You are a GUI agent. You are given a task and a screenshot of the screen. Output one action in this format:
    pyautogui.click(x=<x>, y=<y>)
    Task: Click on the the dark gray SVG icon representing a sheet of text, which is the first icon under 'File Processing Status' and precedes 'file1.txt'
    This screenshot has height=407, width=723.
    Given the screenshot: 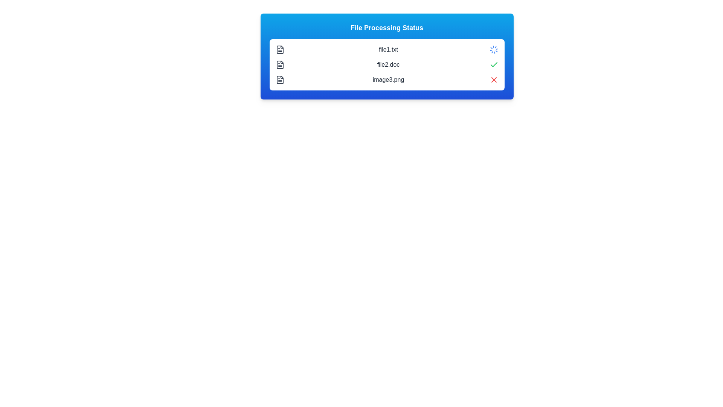 What is the action you would take?
    pyautogui.click(x=279, y=49)
    